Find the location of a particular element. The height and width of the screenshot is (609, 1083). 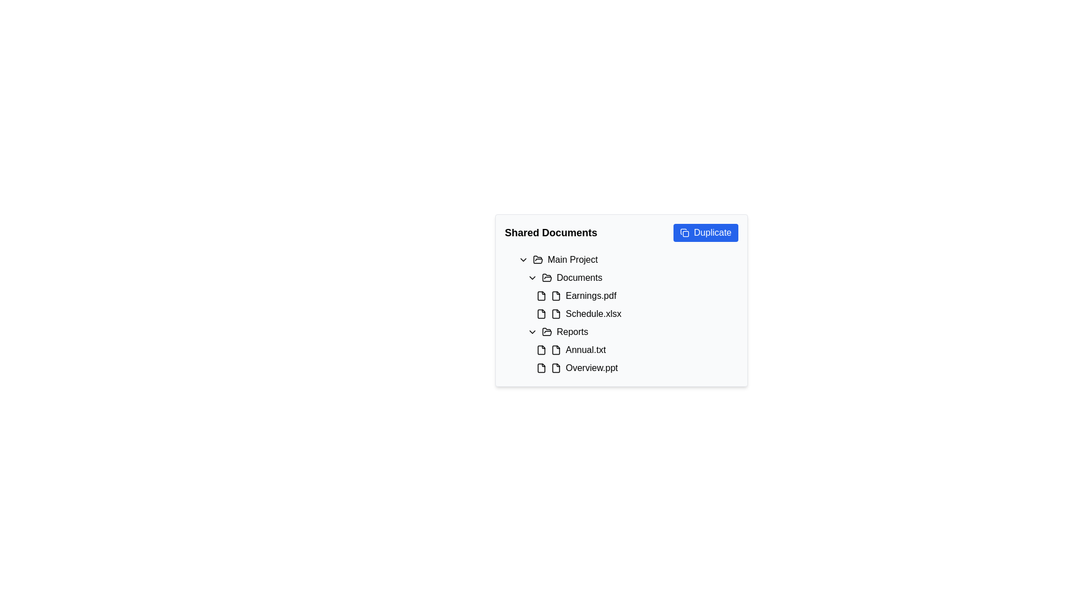

the file icon with an outline design located to the left of the 'Earnings.pdf' text in the document list is located at coordinates (541, 295).